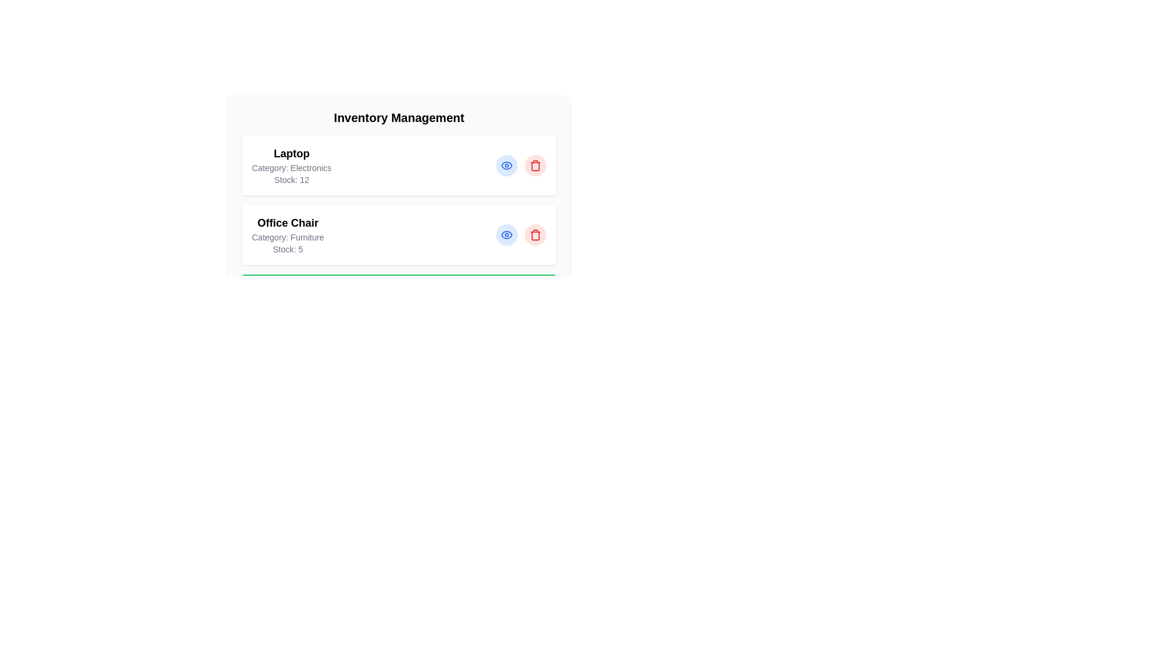 This screenshot has height=646, width=1149. Describe the element at coordinates (534, 235) in the screenshot. I see `the delete button for the item with name Office Chair` at that location.